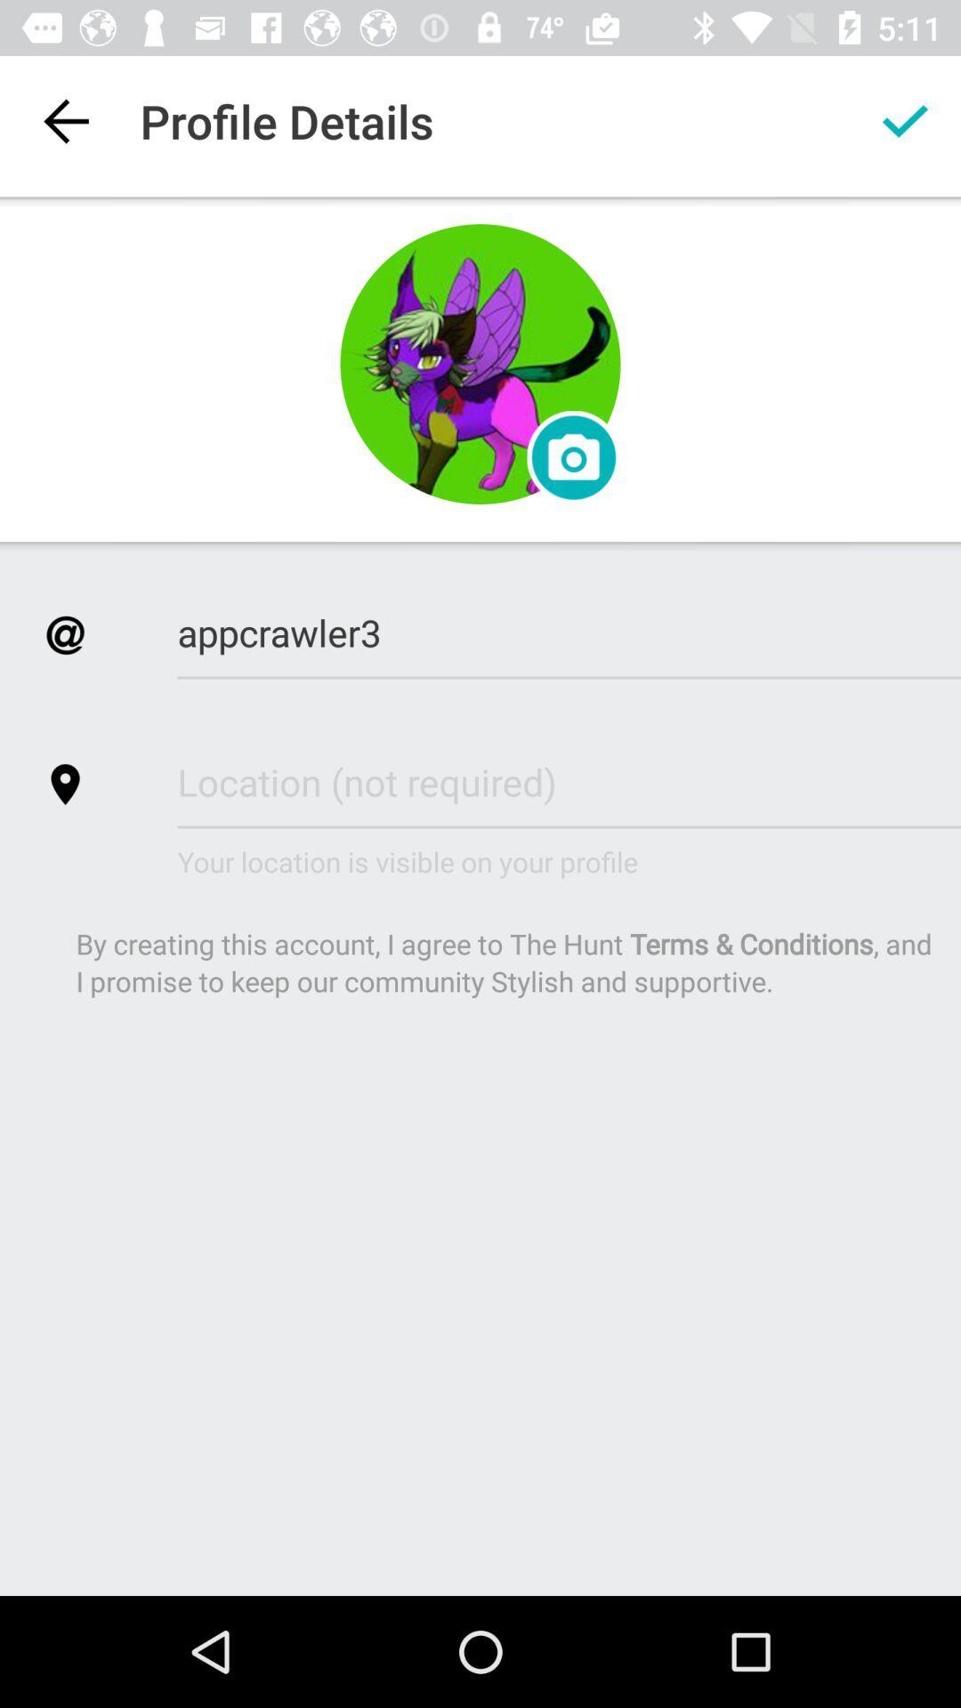 This screenshot has height=1708, width=961. I want to click on the app next to the profile details item, so click(905, 120).